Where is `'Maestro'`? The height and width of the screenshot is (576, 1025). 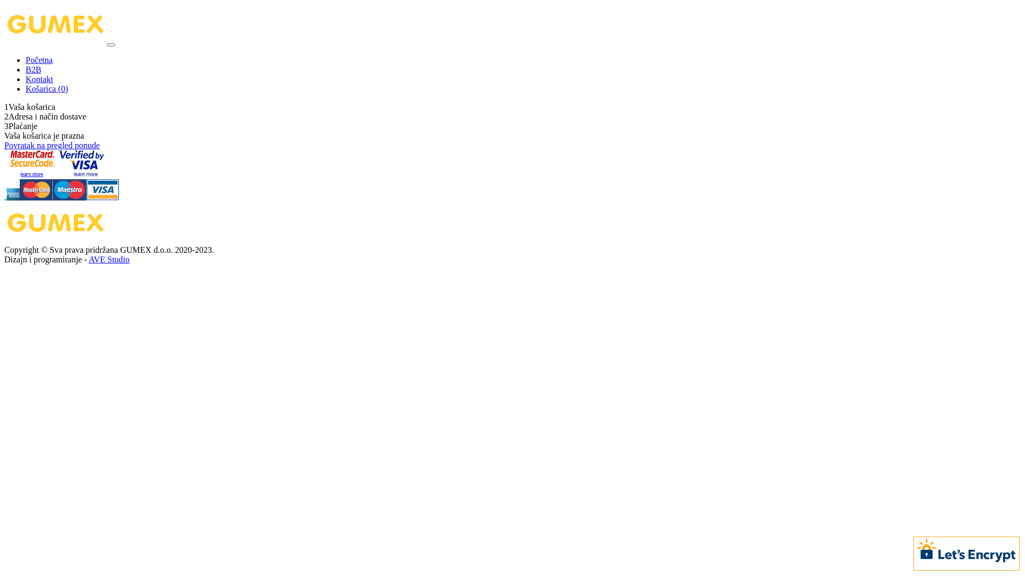
'Maestro' is located at coordinates (69, 197).